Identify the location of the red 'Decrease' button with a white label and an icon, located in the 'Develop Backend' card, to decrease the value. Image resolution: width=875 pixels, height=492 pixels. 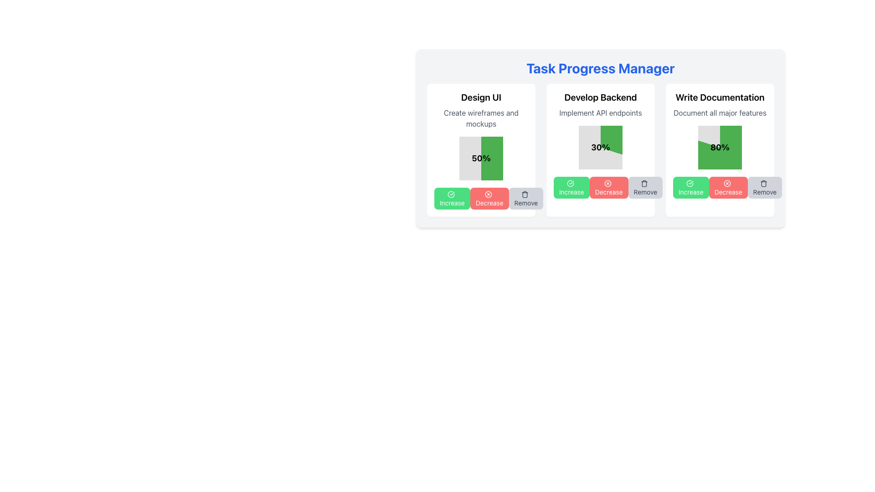
(601, 187).